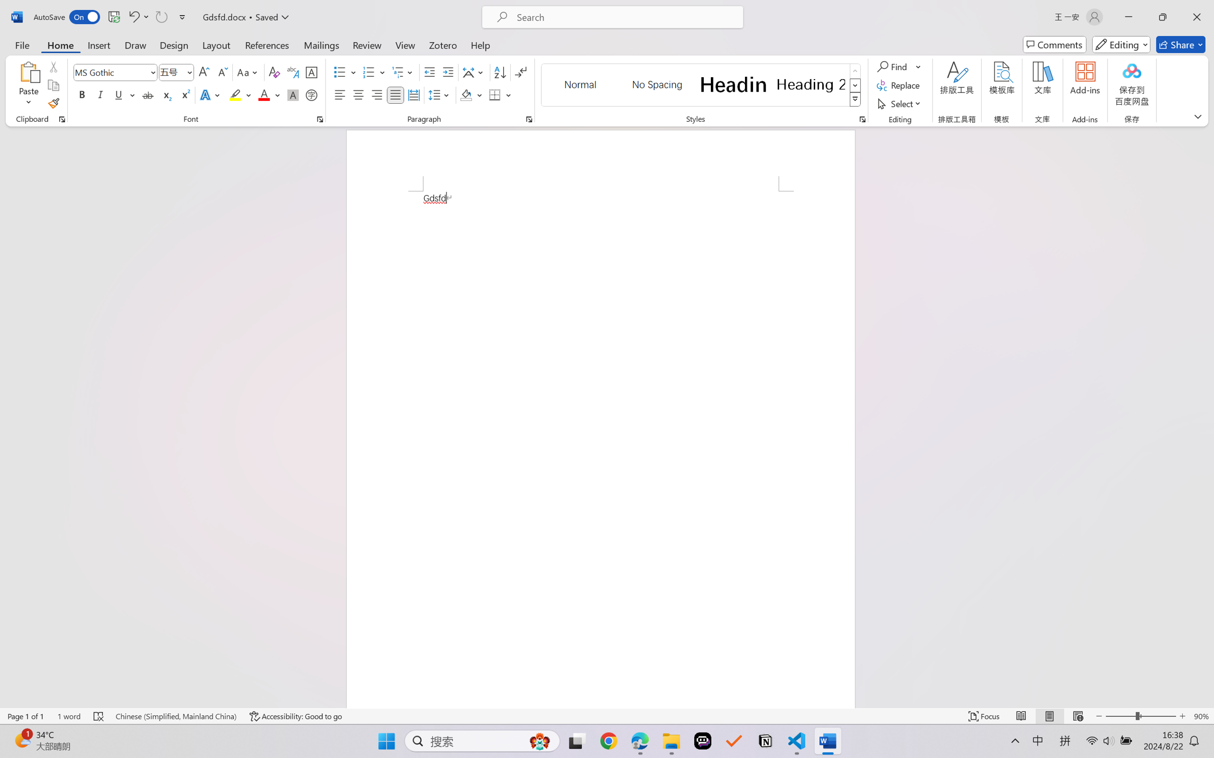 The height and width of the screenshot is (758, 1214). Describe the element at coordinates (466, 94) in the screenshot. I see `'Shading RGB(0, 0, 0)'` at that location.